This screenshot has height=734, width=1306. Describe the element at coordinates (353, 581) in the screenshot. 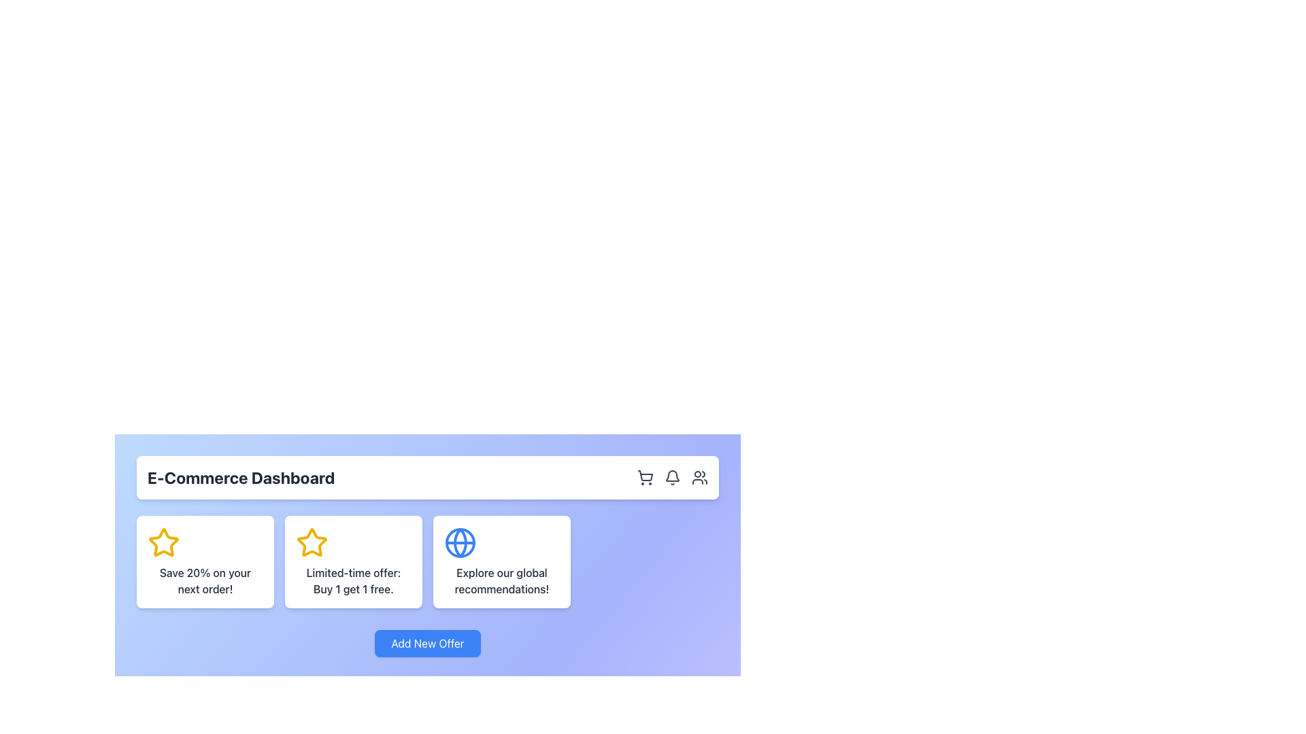

I see `the text block displaying 'Limited-time offer: Buy 1 get 1 free.' which is centered below a yellow star icon in the middle card of three horizontally aligned cards` at that location.